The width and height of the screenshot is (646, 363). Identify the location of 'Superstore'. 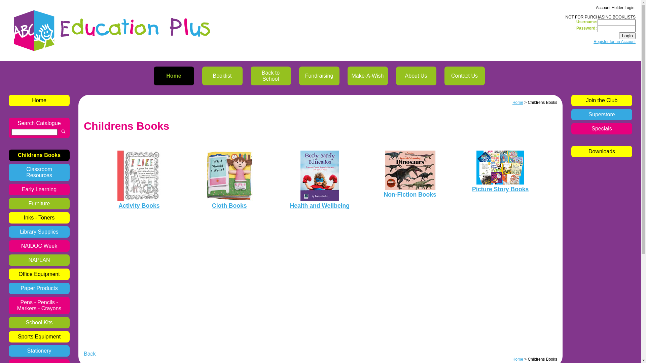
(602, 114).